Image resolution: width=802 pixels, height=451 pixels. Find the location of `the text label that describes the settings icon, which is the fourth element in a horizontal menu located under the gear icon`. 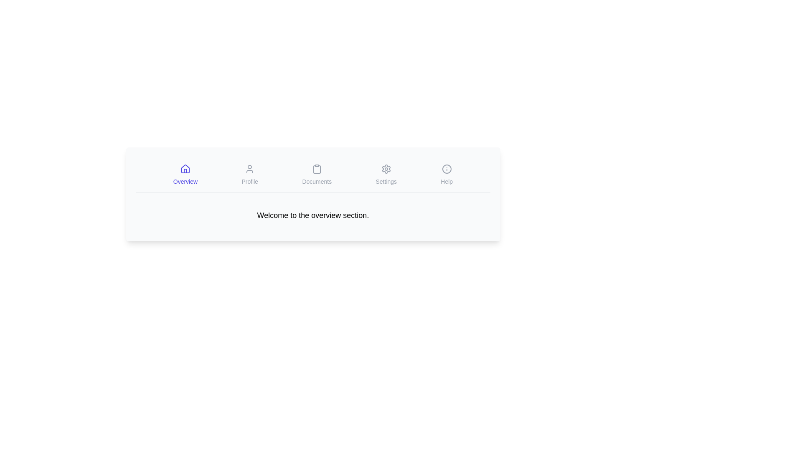

the text label that describes the settings icon, which is the fourth element in a horizontal menu located under the gear icon is located at coordinates (386, 181).